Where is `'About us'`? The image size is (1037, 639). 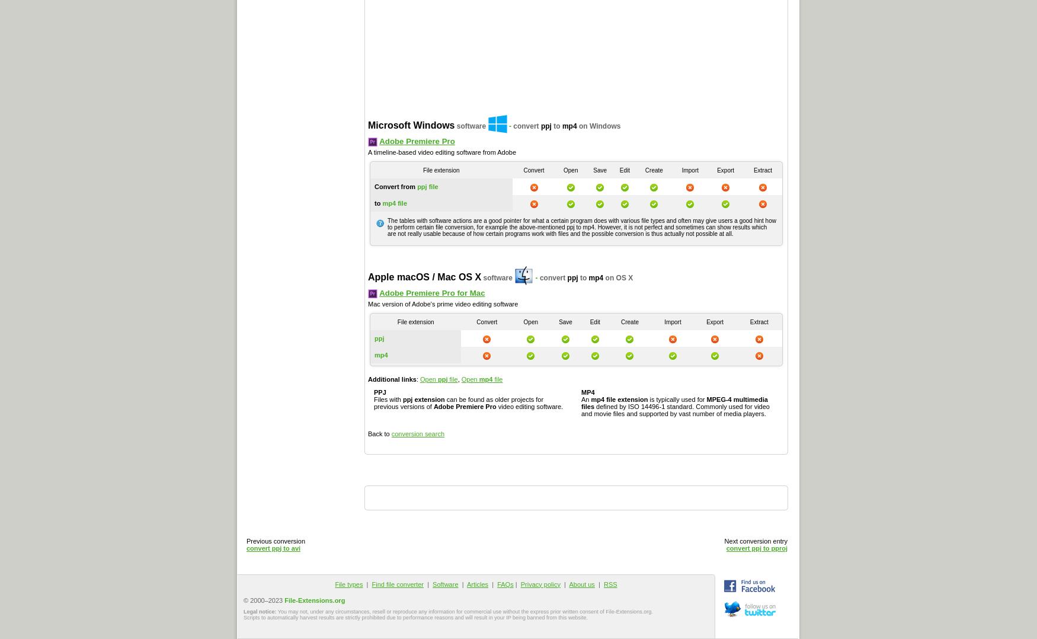 'About us' is located at coordinates (569, 583).